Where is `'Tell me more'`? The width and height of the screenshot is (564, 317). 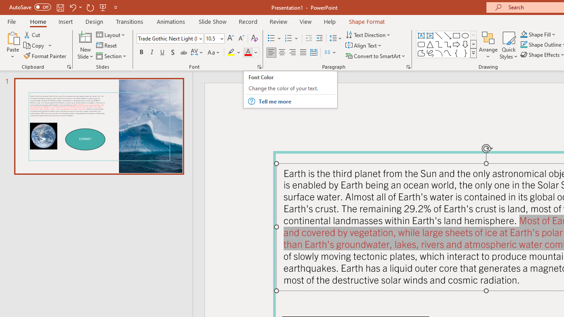 'Tell me more' is located at coordinates (297, 101).